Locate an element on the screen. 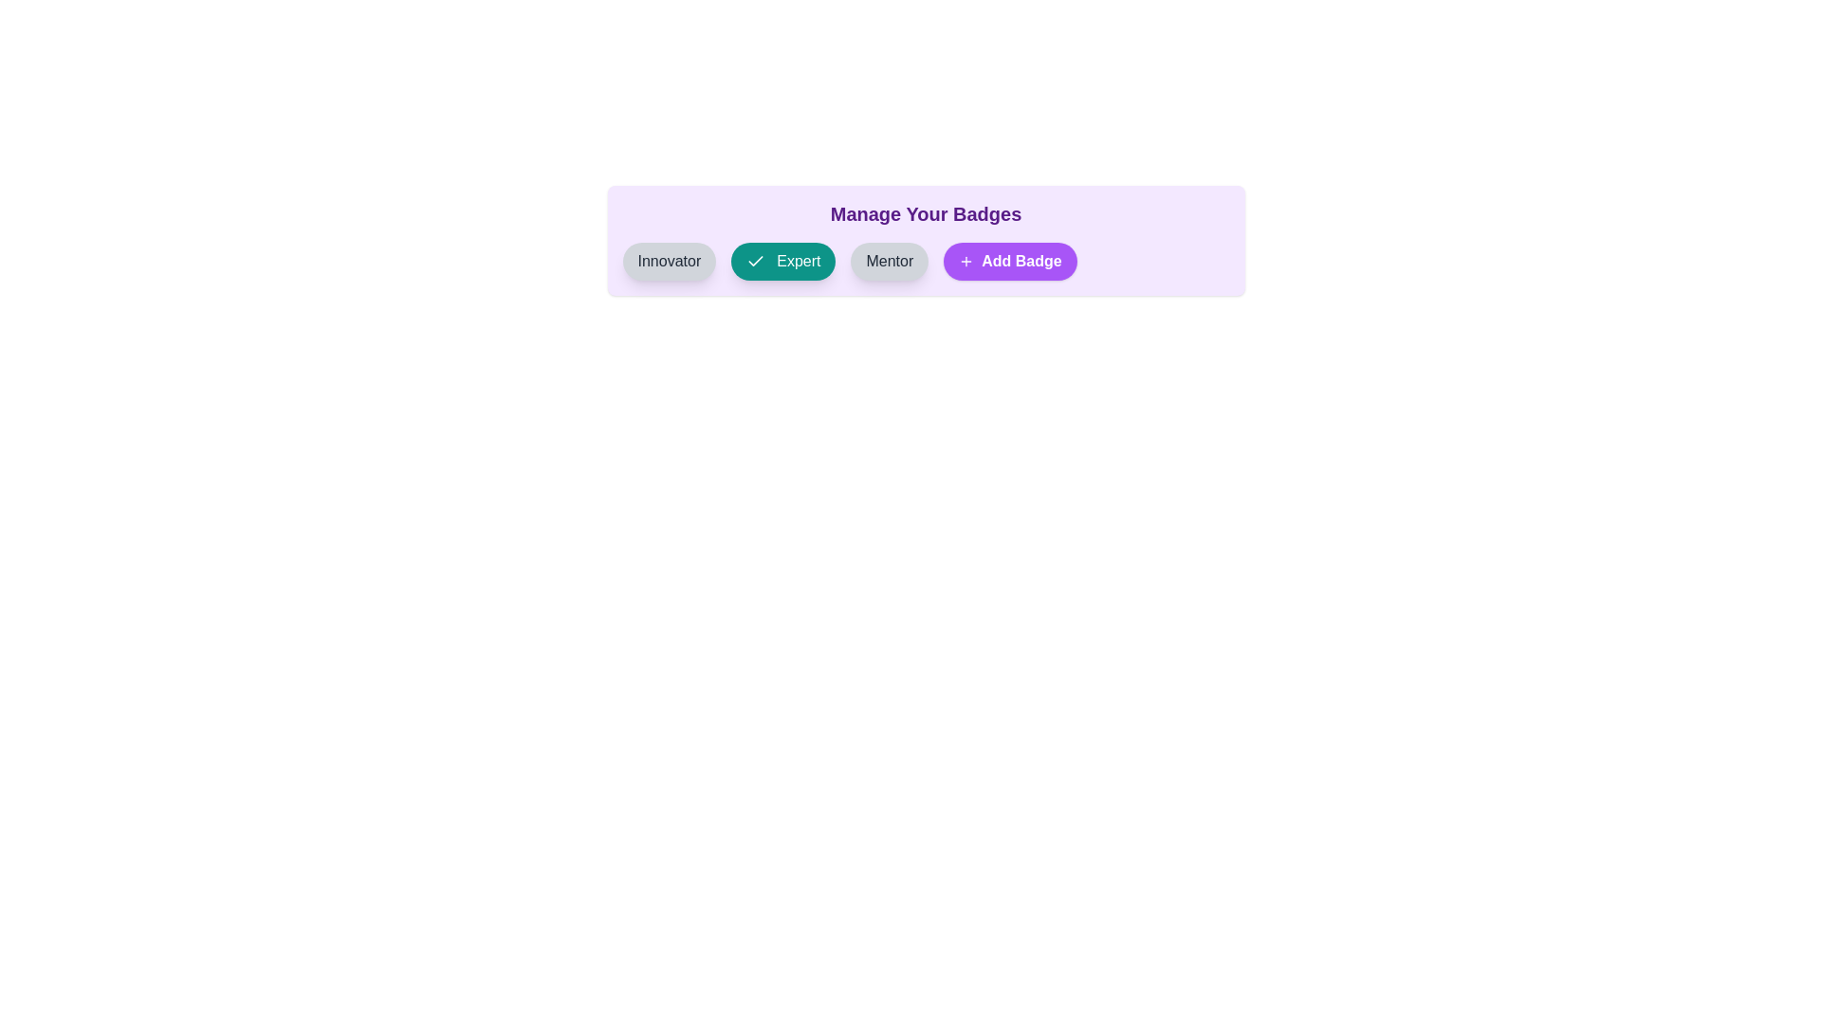  the badge labeled Mentor to observe its hover effect is located at coordinates (889, 262).